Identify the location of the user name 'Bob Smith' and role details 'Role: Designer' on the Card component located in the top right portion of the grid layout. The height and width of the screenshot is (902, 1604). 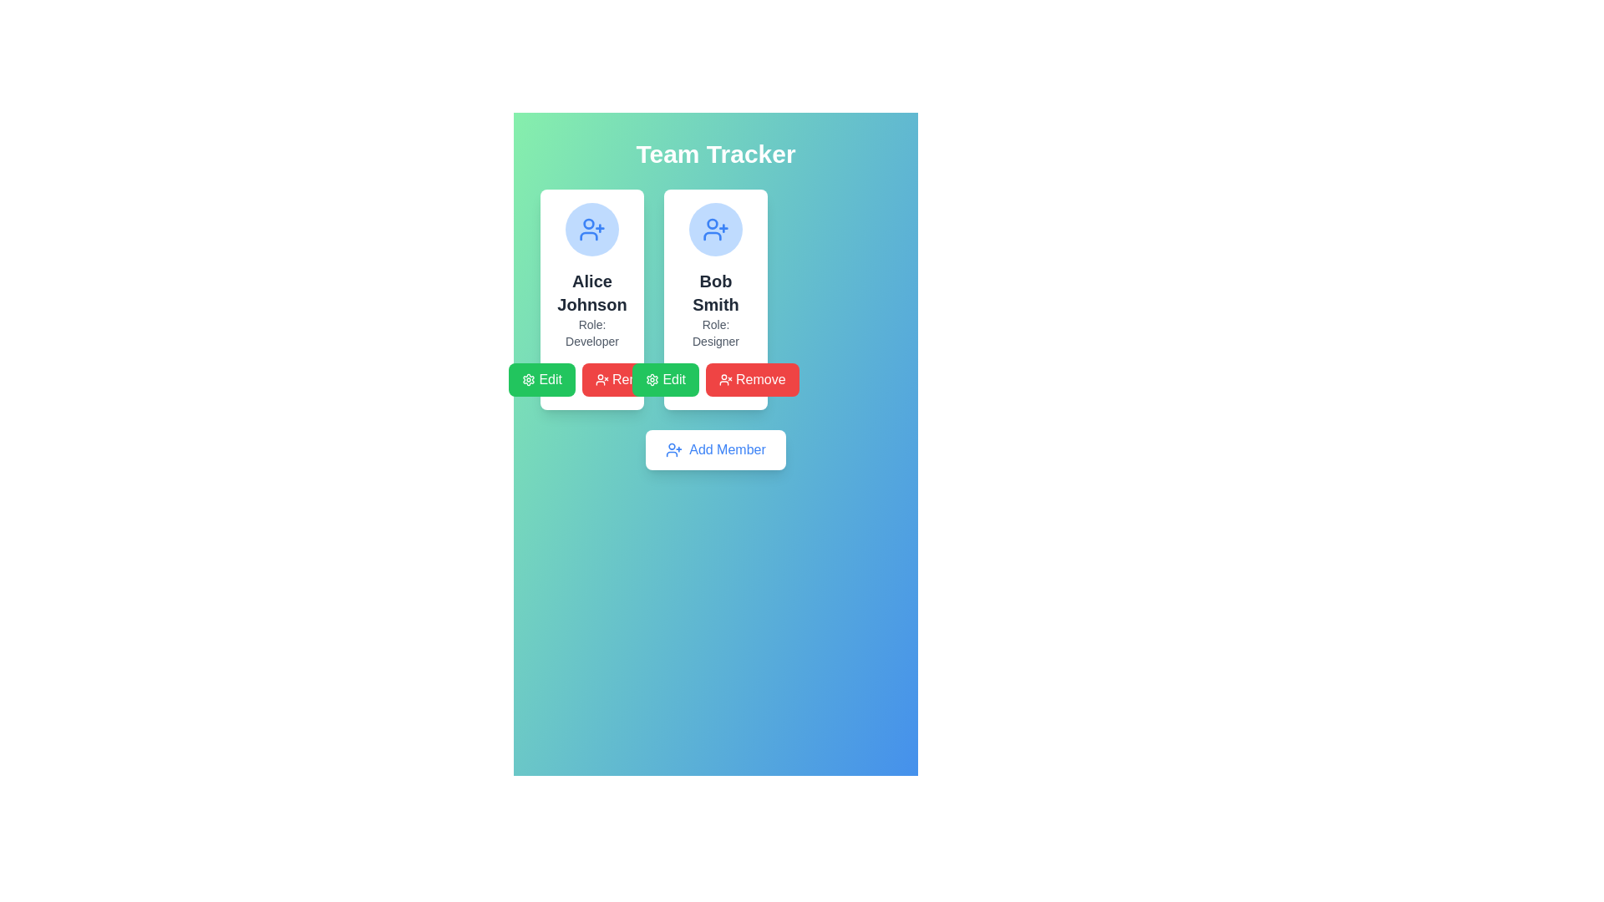
(716, 298).